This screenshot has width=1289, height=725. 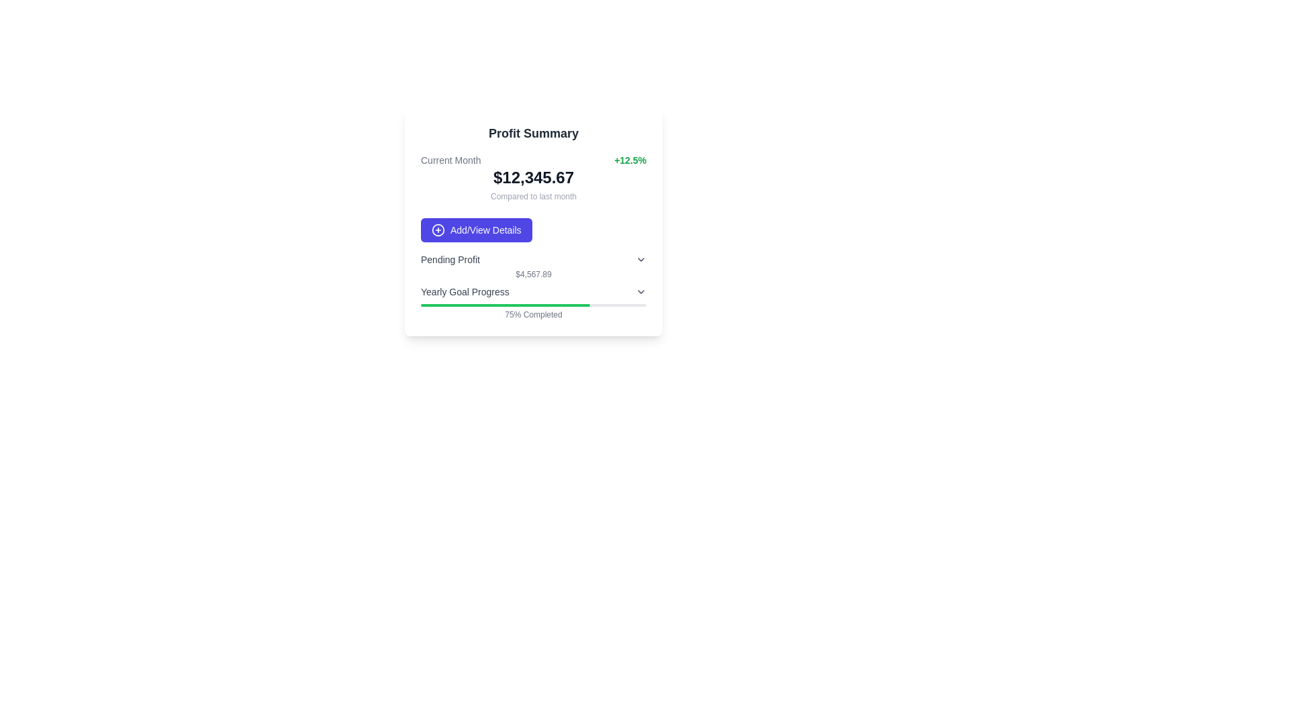 What do you see at coordinates (476, 230) in the screenshot?
I see `the 'Add/View Details' button located centrally within the 'Profit Summary' card` at bounding box center [476, 230].